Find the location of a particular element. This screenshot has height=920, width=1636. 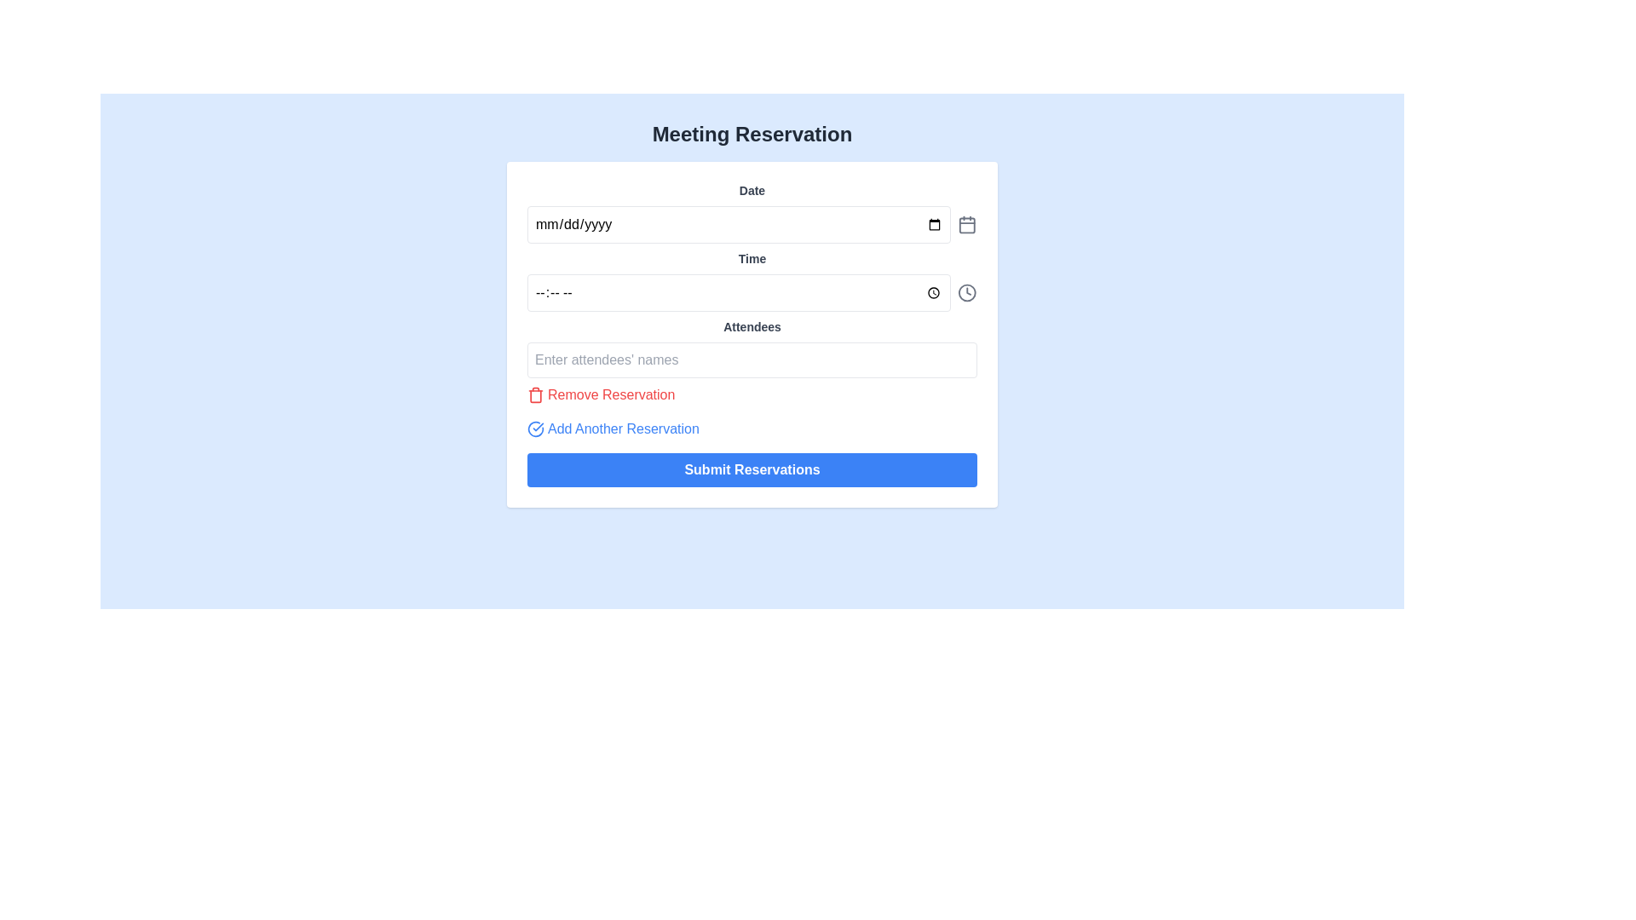

the 'Remove Reservation' button styled in red text with a trash bin icon, located in the bottom section of the 'Attendees' form is located at coordinates (601, 394).